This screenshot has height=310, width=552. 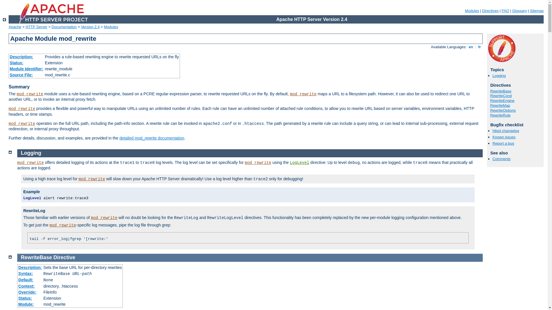 I want to click on 'Module Identifier:', so click(x=9, y=68).